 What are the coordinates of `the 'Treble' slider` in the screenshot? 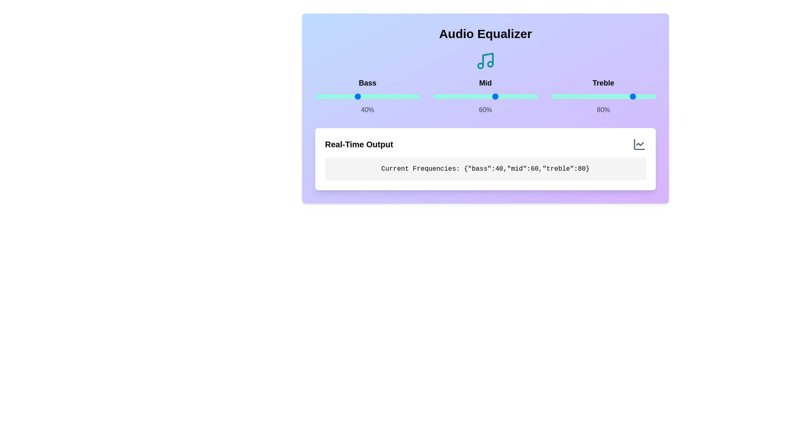 It's located at (552, 96).